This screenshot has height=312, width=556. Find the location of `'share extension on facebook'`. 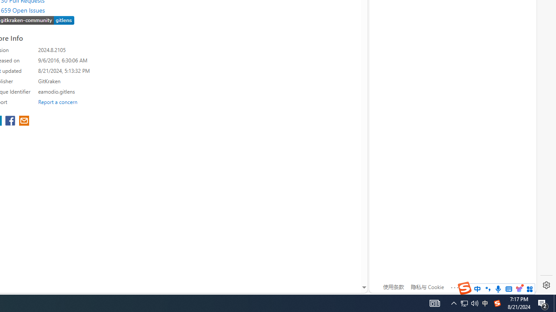

'share extension on facebook' is located at coordinates (11, 121).